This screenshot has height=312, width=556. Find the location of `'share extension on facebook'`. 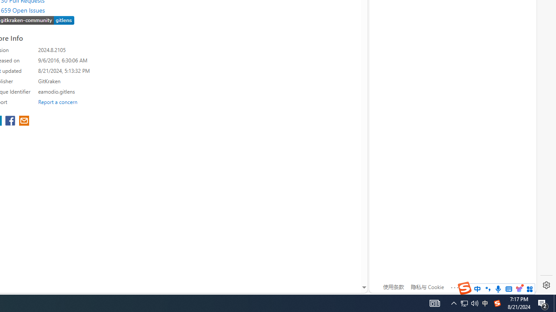

'share extension on facebook' is located at coordinates (11, 121).